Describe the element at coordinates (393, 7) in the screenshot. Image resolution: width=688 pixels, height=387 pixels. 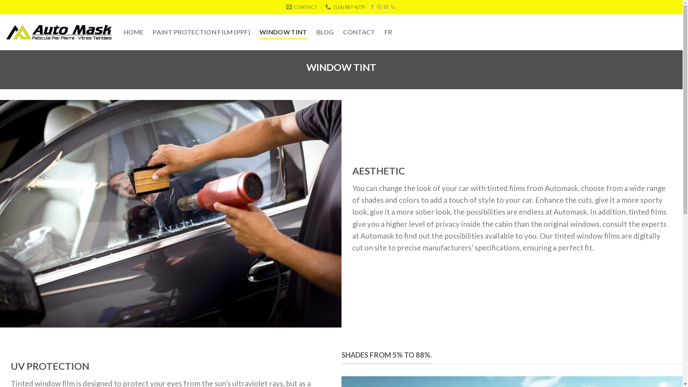
I see `'Call us'` at that location.